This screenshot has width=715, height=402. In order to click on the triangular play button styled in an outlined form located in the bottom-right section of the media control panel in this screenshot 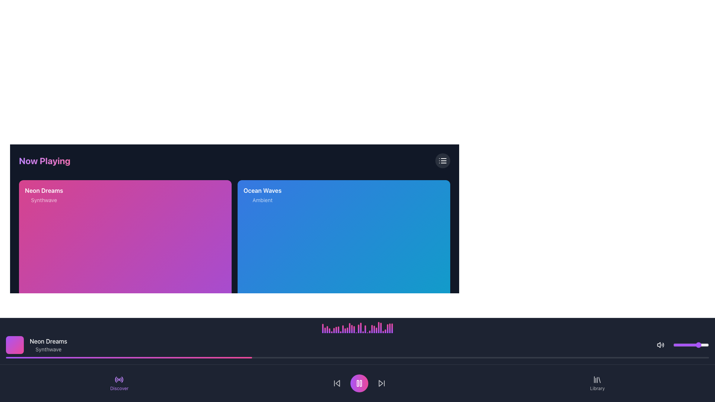, I will do `click(436, 379)`.